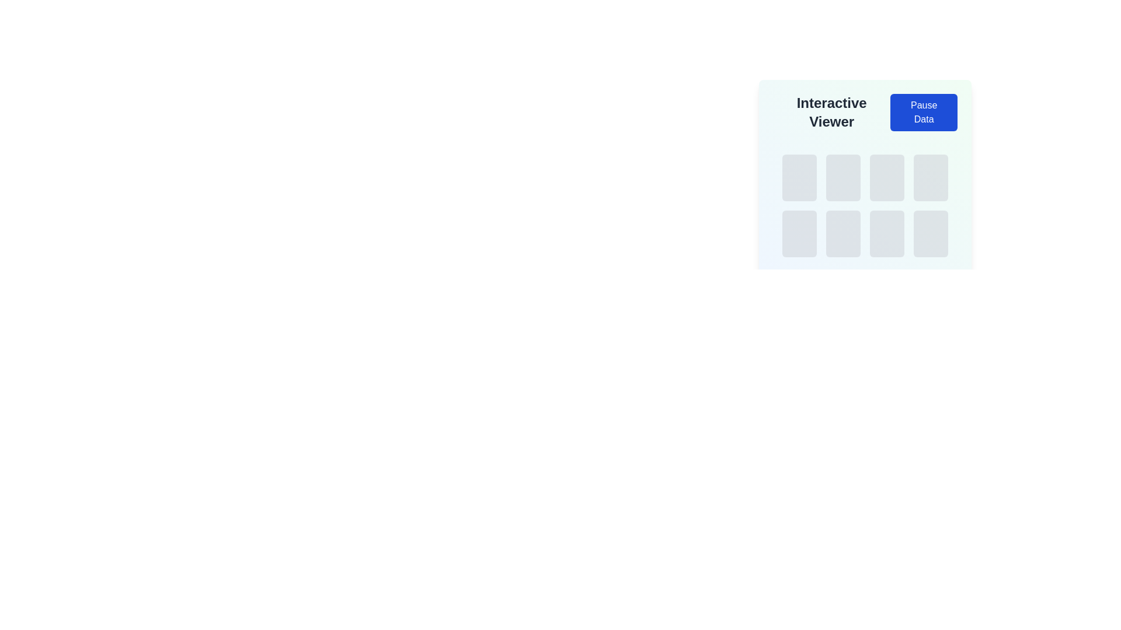 This screenshot has height=630, width=1121. Describe the element at coordinates (923, 112) in the screenshot. I see `the 'Pause Data' button, which is a rectangular button with rounded corners, blue background, and white text` at that location.